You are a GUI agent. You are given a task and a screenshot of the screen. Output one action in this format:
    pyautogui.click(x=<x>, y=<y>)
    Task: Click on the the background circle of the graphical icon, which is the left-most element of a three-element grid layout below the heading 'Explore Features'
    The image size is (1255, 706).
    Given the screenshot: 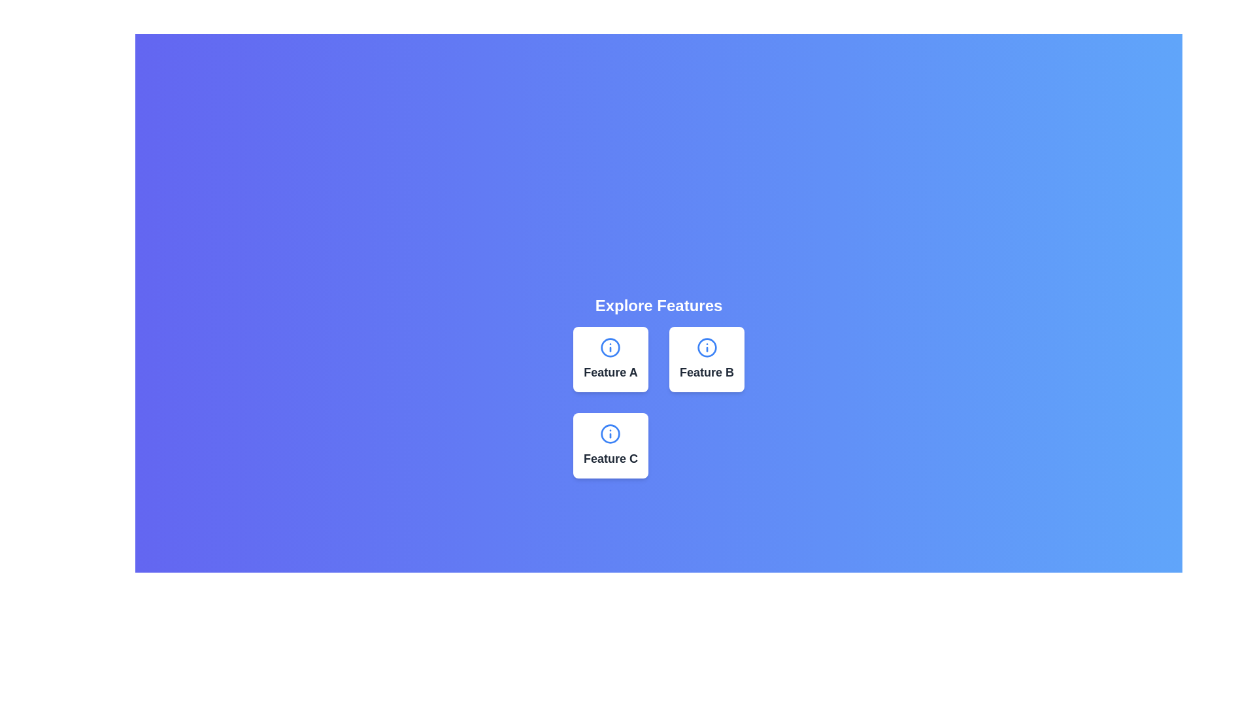 What is the action you would take?
    pyautogui.click(x=610, y=347)
    